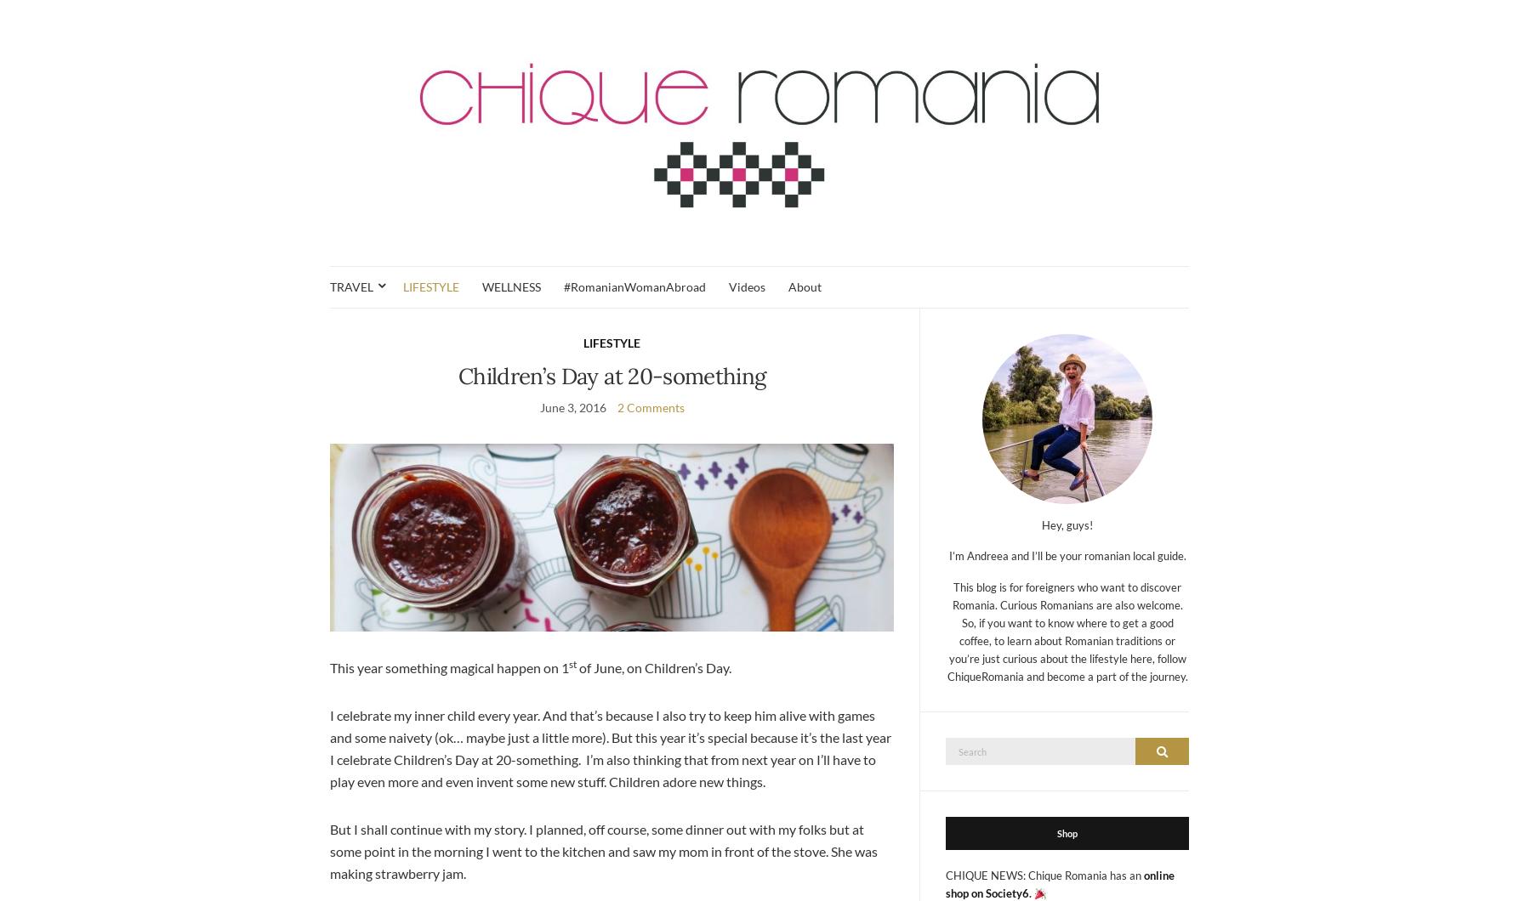 This screenshot has height=901, width=1519. Describe the element at coordinates (1060, 883) in the screenshot. I see `'online shop on Society6'` at that location.